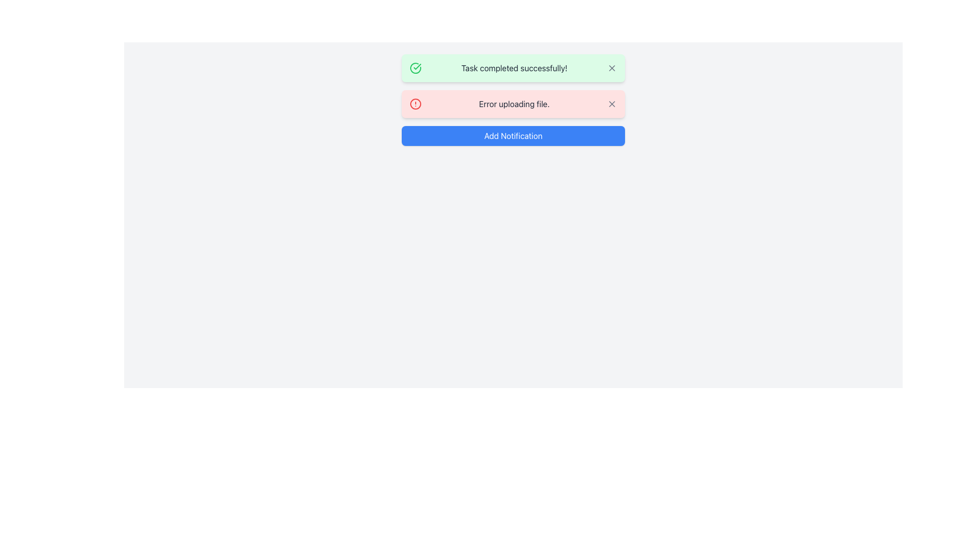 The height and width of the screenshot is (538, 957). I want to click on error message displayed in the informational text label located within the second notification card, which has a red background and is centrally aligned following a red icon, so click(514, 104).